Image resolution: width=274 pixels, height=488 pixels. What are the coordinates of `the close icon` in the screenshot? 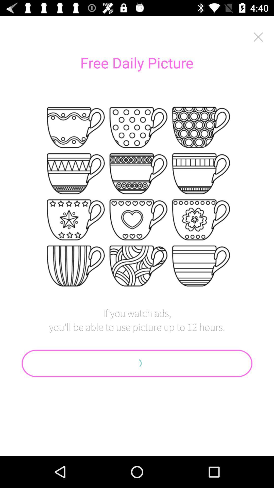 It's located at (258, 37).